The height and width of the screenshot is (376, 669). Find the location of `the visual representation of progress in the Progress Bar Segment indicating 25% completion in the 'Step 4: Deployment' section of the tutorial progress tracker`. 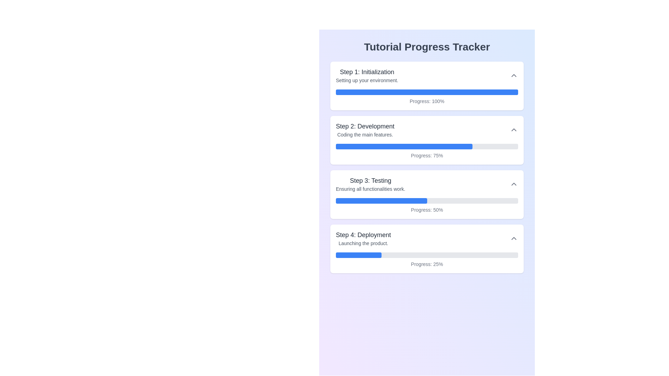

the visual representation of progress in the Progress Bar Segment indicating 25% completion in the 'Step 4: Deployment' section of the tutorial progress tracker is located at coordinates (359, 255).